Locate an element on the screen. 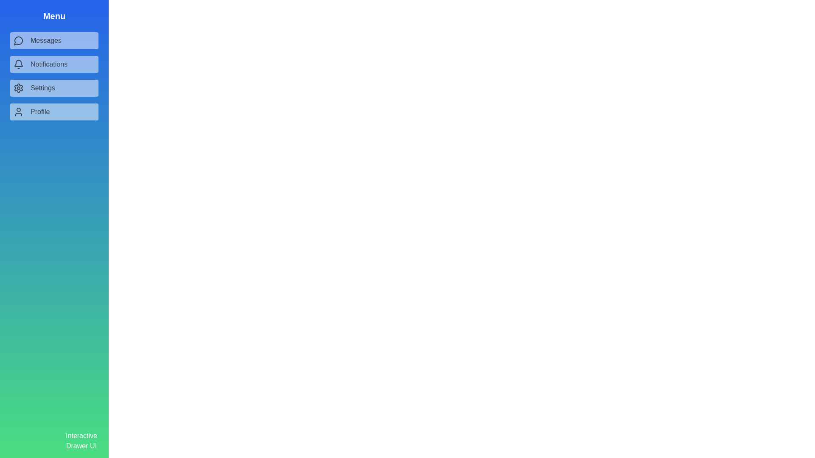  the menu item Profile is located at coordinates (54, 111).